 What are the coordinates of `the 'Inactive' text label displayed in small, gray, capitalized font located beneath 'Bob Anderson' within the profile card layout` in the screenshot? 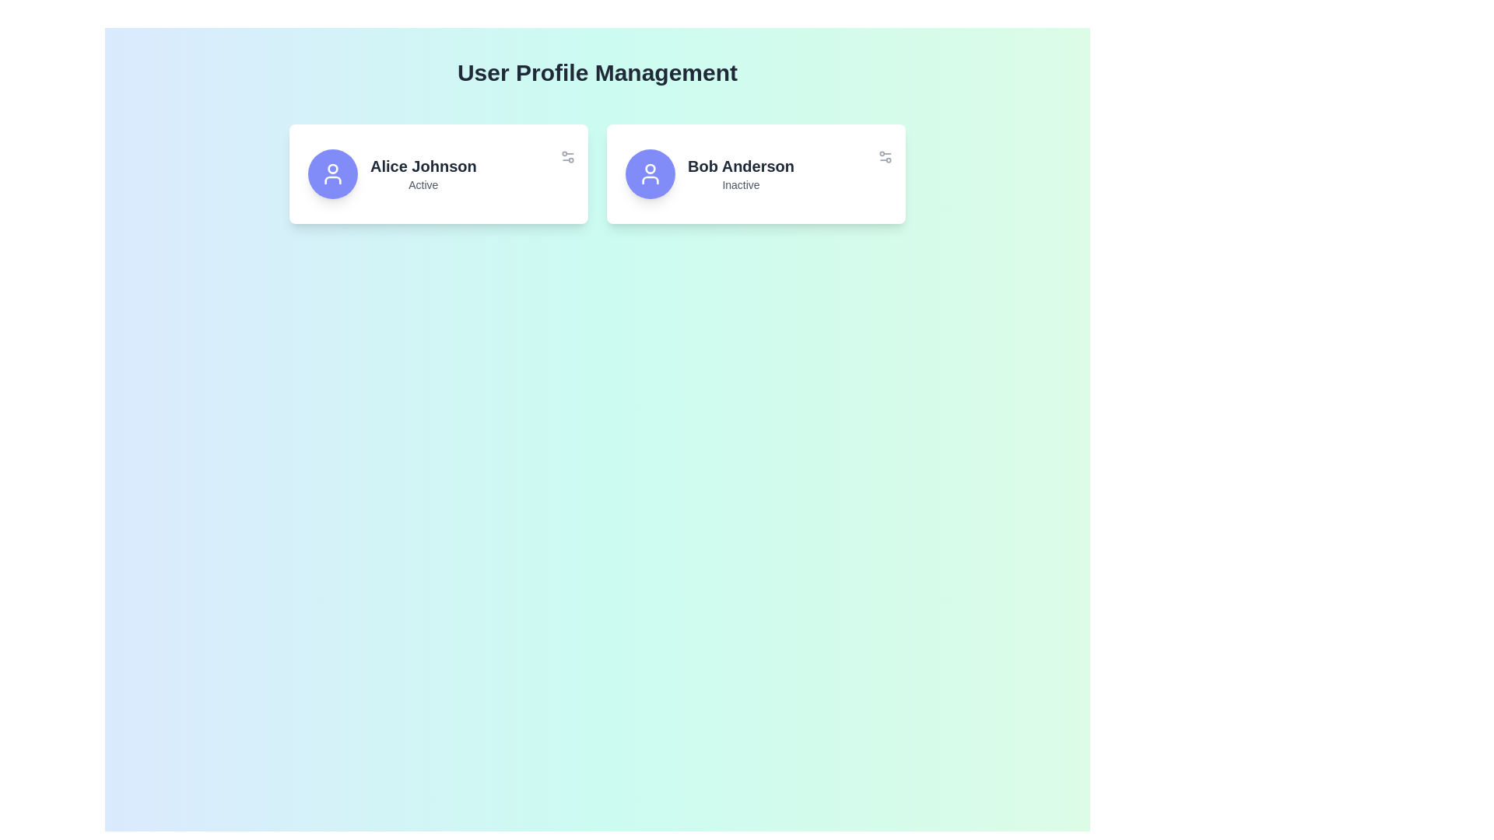 It's located at (740, 184).